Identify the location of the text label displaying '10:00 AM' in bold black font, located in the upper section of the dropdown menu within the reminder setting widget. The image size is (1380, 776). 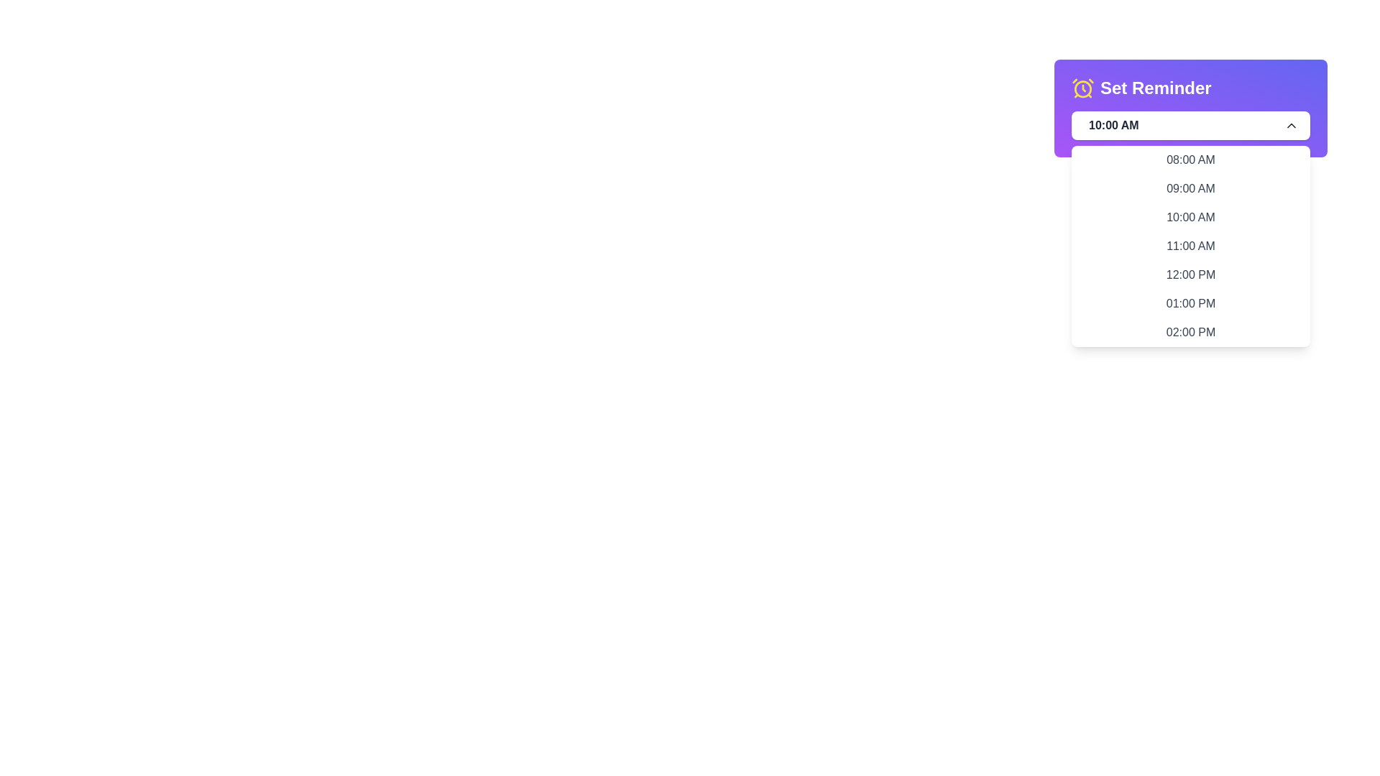
(1110, 124).